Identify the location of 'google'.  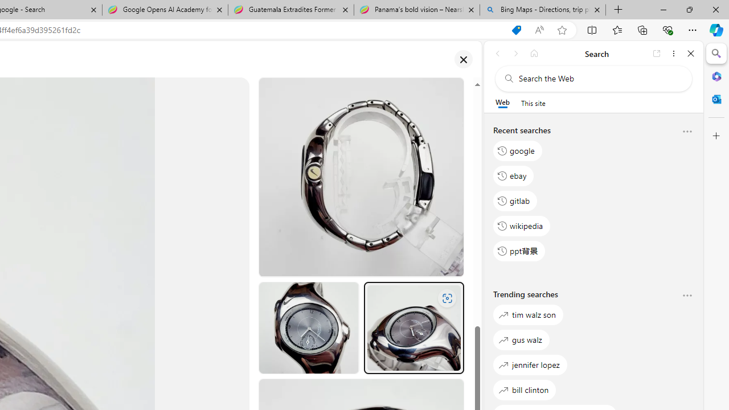
(517, 150).